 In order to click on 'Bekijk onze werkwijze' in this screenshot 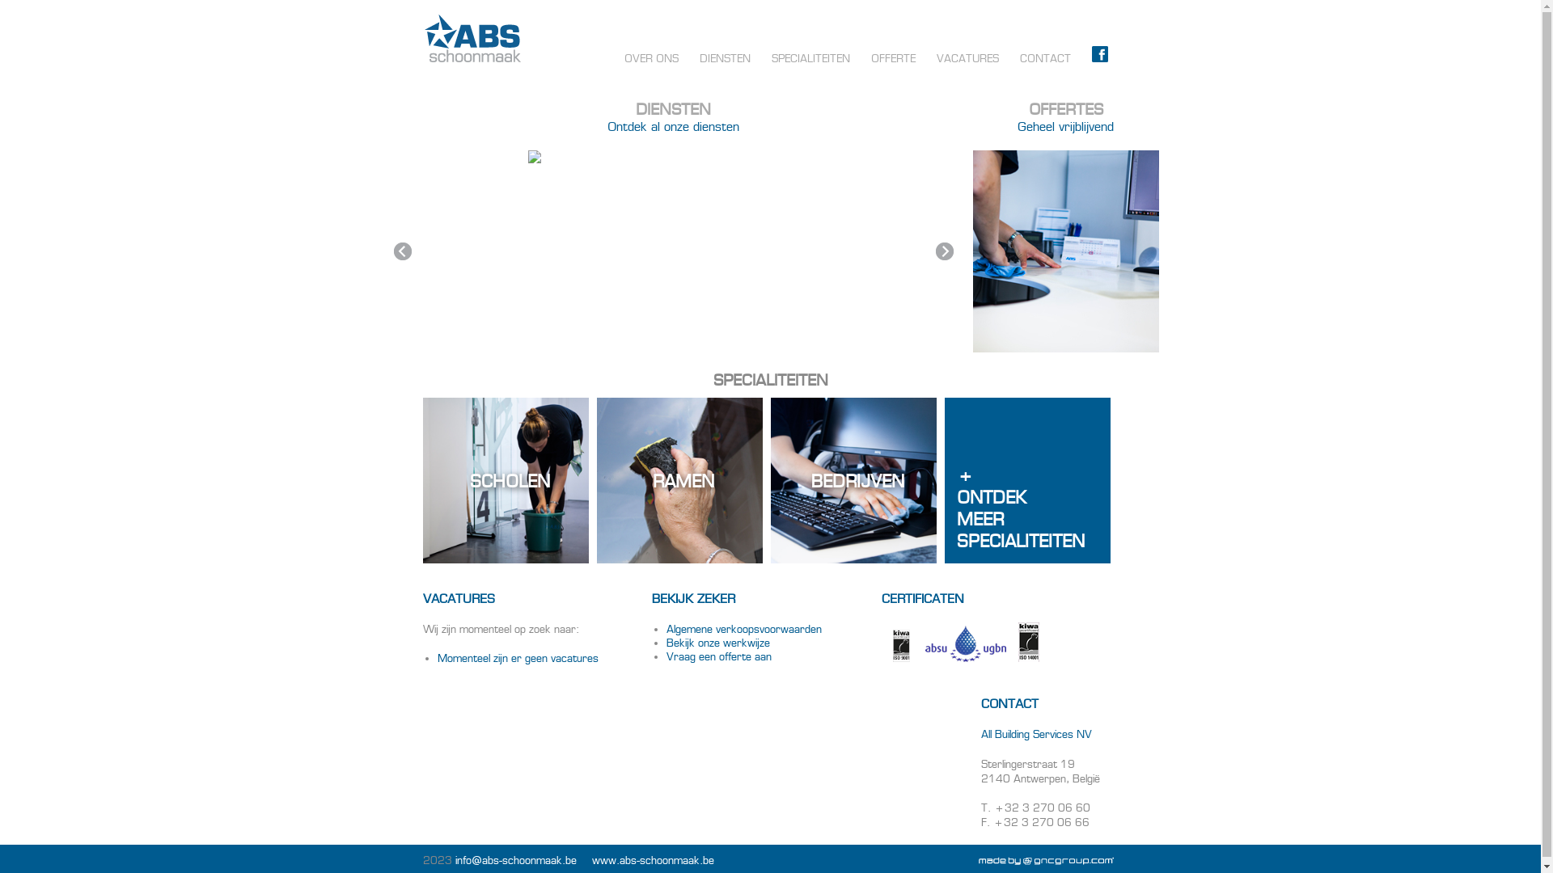, I will do `click(717, 642)`.